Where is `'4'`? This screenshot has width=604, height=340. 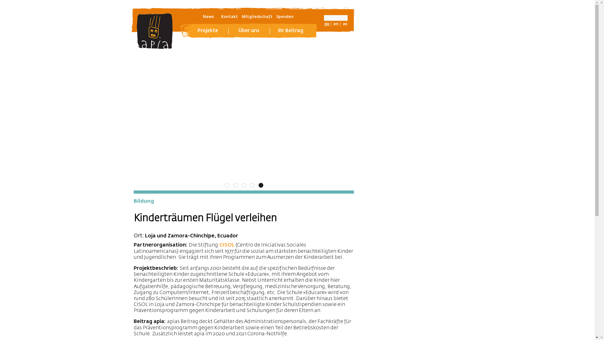
'4' is located at coordinates (249, 185).